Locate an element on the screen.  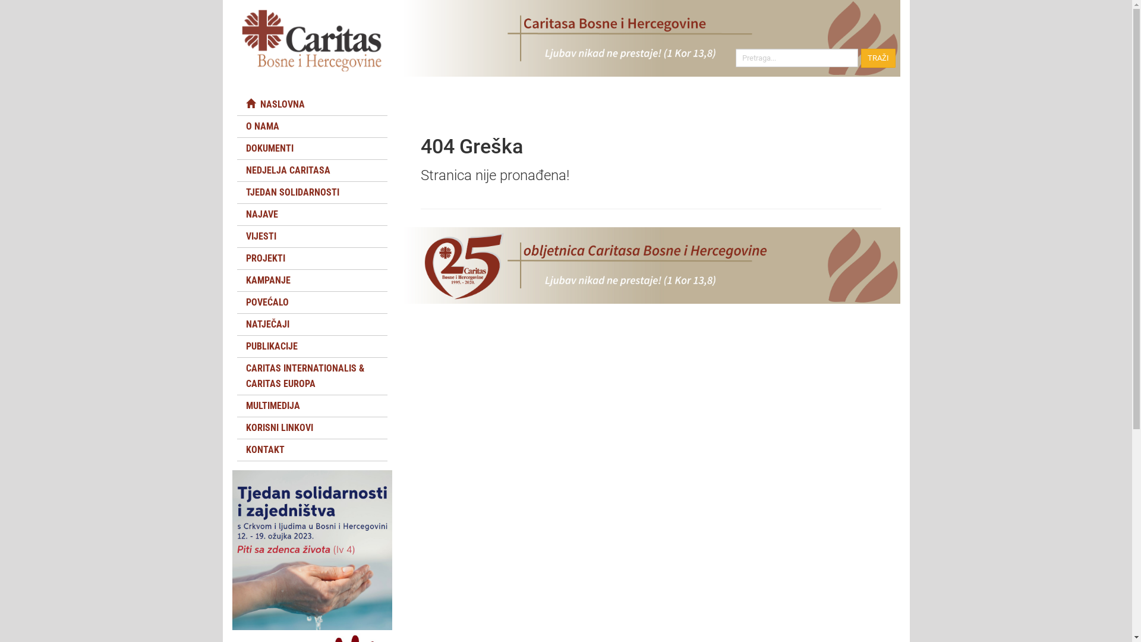
'PROJEKTI' is located at coordinates (237, 258).